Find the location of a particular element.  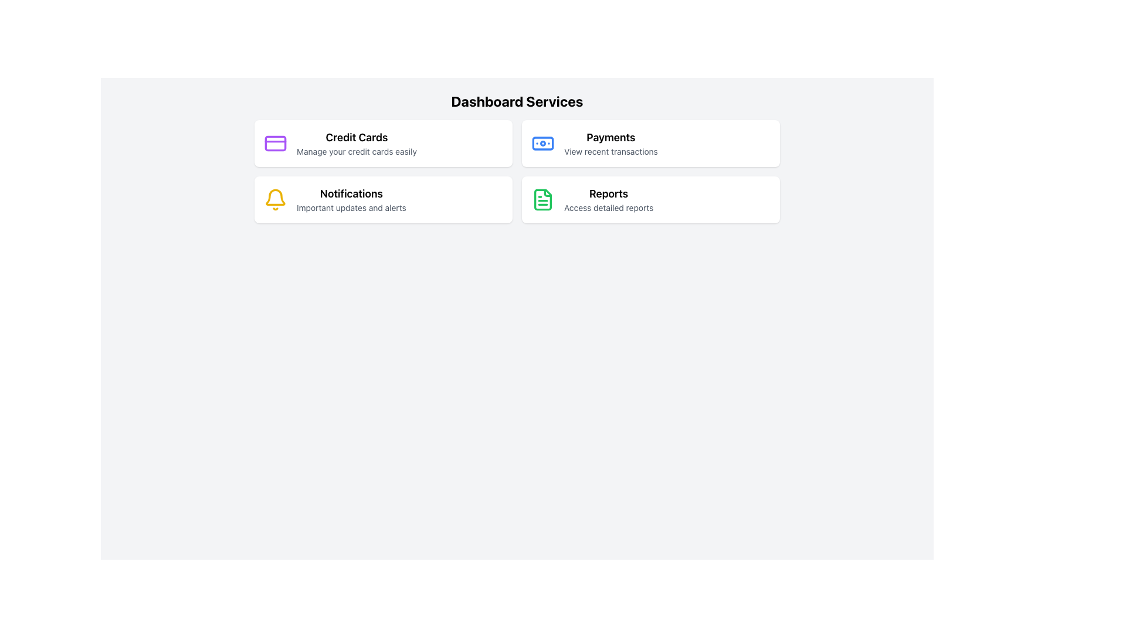

the 'Reports' icon located in the bottom-right card of the 'Dashboard Services' panel is located at coordinates (542, 199).